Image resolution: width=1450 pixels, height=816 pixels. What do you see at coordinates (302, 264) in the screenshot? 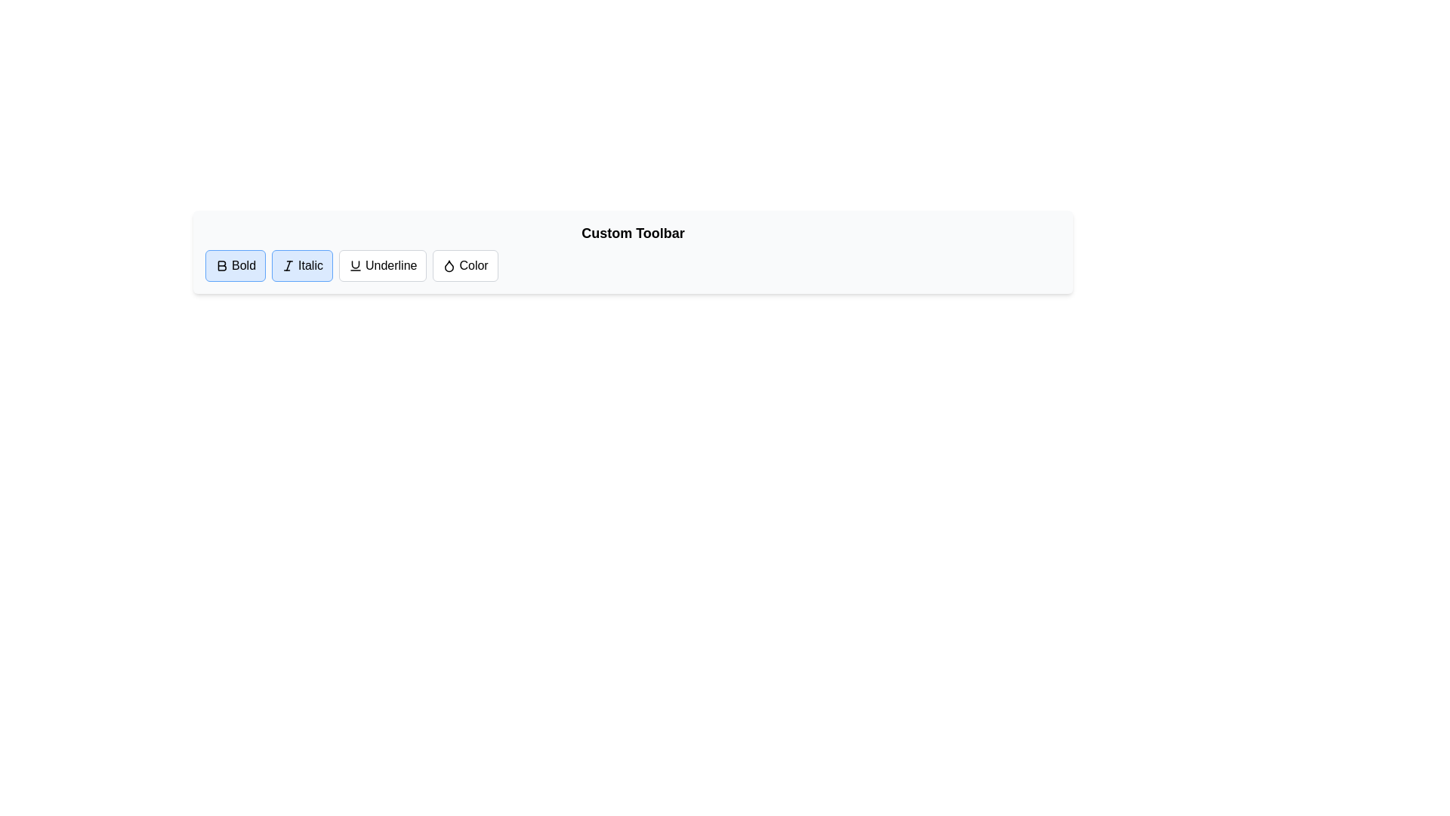
I see `the toggle button for italic styling, located between the 'Bold' and 'Underline' buttons in the toolbar` at bounding box center [302, 264].